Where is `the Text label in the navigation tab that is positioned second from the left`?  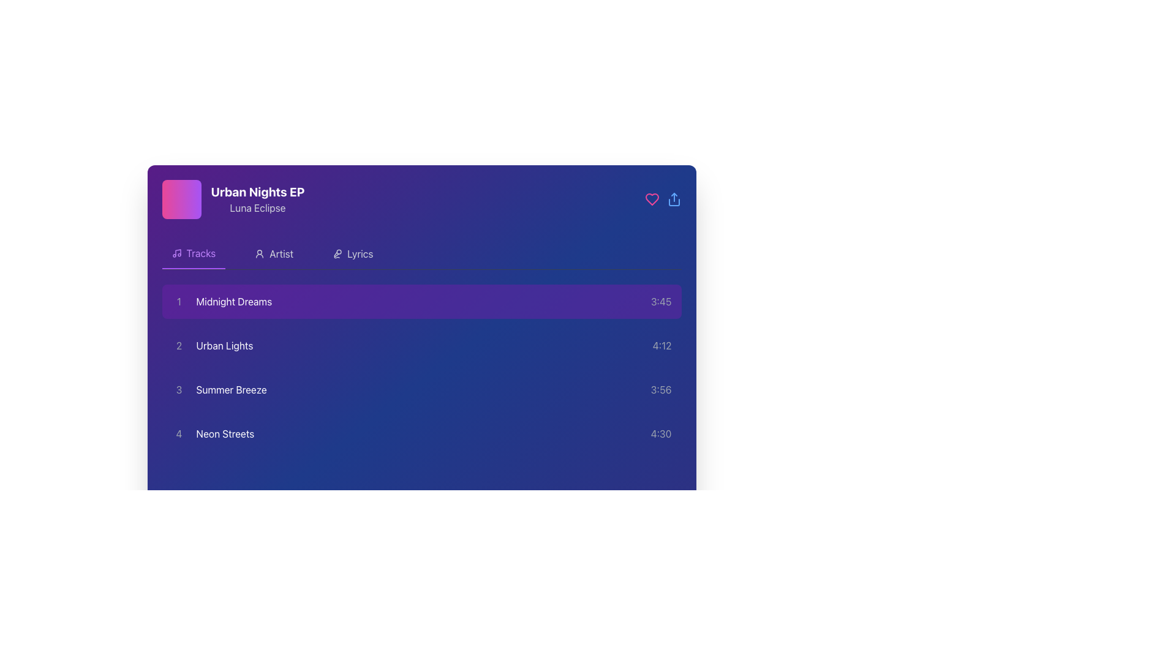
the Text label in the navigation tab that is positioned second from the left is located at coordinates (201, 252).